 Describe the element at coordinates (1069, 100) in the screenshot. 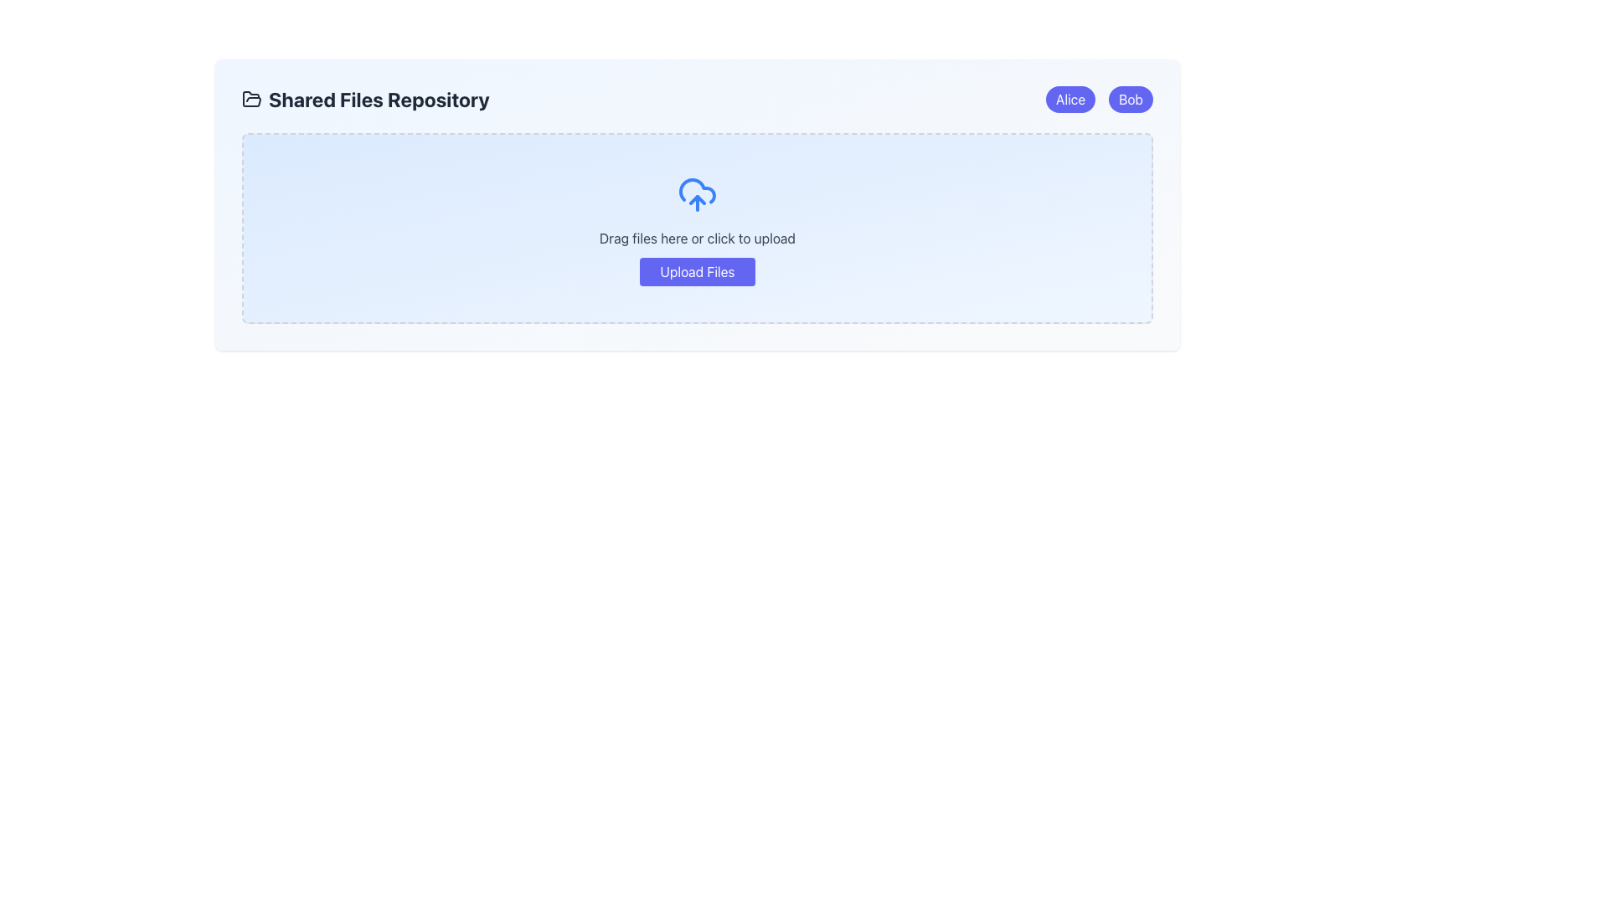

I see `the indigo button labeled 'Alice' located in the upper-right corner, to the left of the 'Bob' button` at that location.